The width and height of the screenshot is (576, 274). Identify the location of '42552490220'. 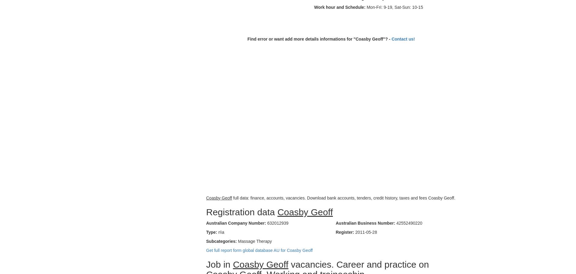
(408, 223).